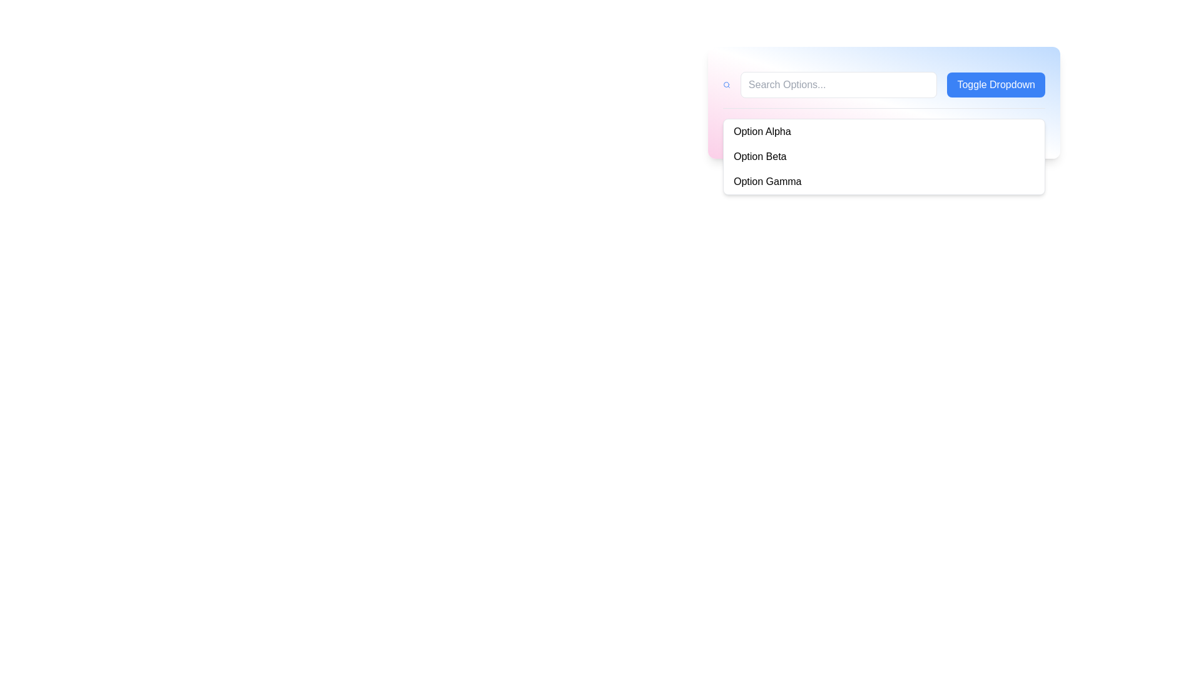 The height and width of the screenshot is (675, 1201). What do you see at coordinates (883, 84) in the screenshot?
I see `the button in the first row of the section` at bounding box center [883, 84].